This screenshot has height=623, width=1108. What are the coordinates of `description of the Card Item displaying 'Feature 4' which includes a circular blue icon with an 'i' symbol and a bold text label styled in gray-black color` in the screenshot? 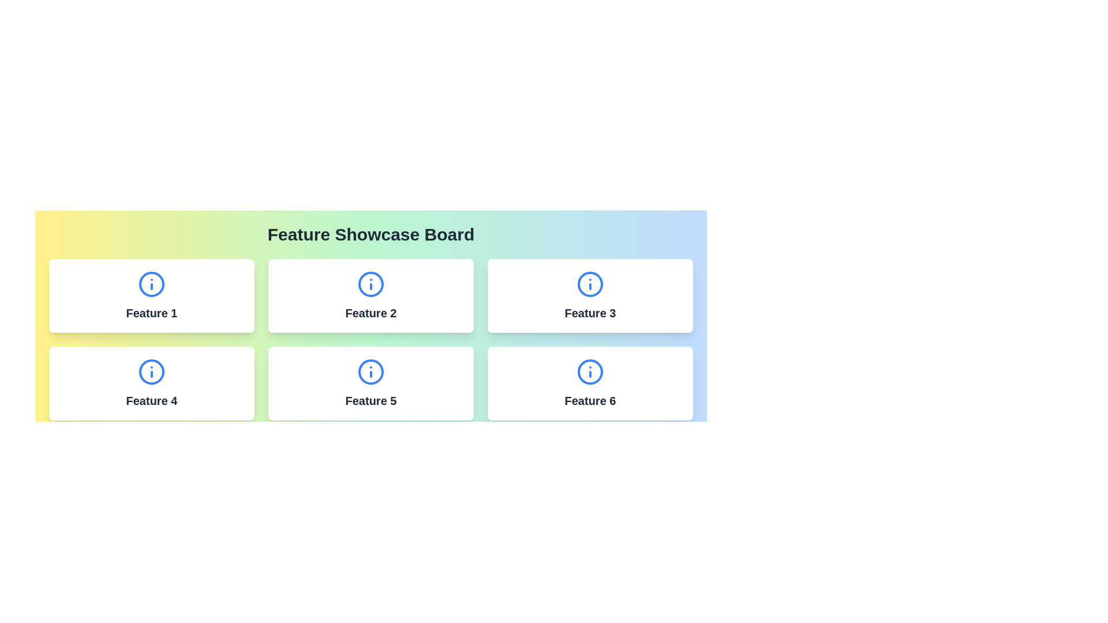 It's located at (151, 383).